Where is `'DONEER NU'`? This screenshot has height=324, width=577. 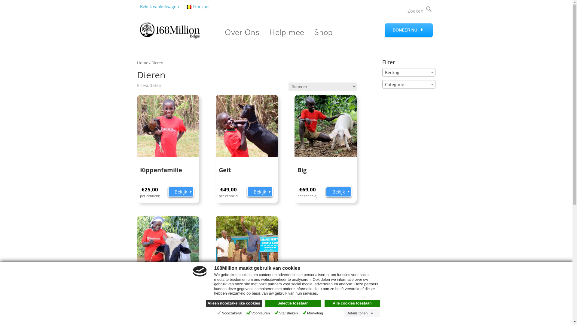 'DONEER NU' is located at coordinates (408, 30).